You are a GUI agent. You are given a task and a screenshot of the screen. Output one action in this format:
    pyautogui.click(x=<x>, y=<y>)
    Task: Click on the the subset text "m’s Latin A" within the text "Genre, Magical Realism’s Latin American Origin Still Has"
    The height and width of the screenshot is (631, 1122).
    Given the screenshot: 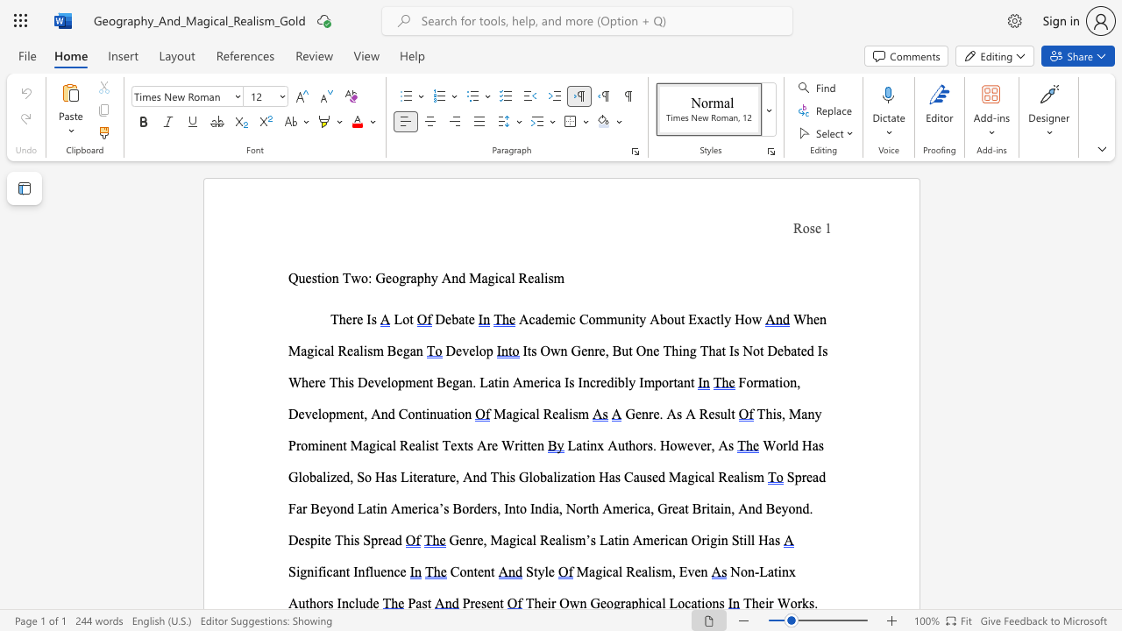 What is the action you would take?
    pyautogui.click(x=575, y=539)
    